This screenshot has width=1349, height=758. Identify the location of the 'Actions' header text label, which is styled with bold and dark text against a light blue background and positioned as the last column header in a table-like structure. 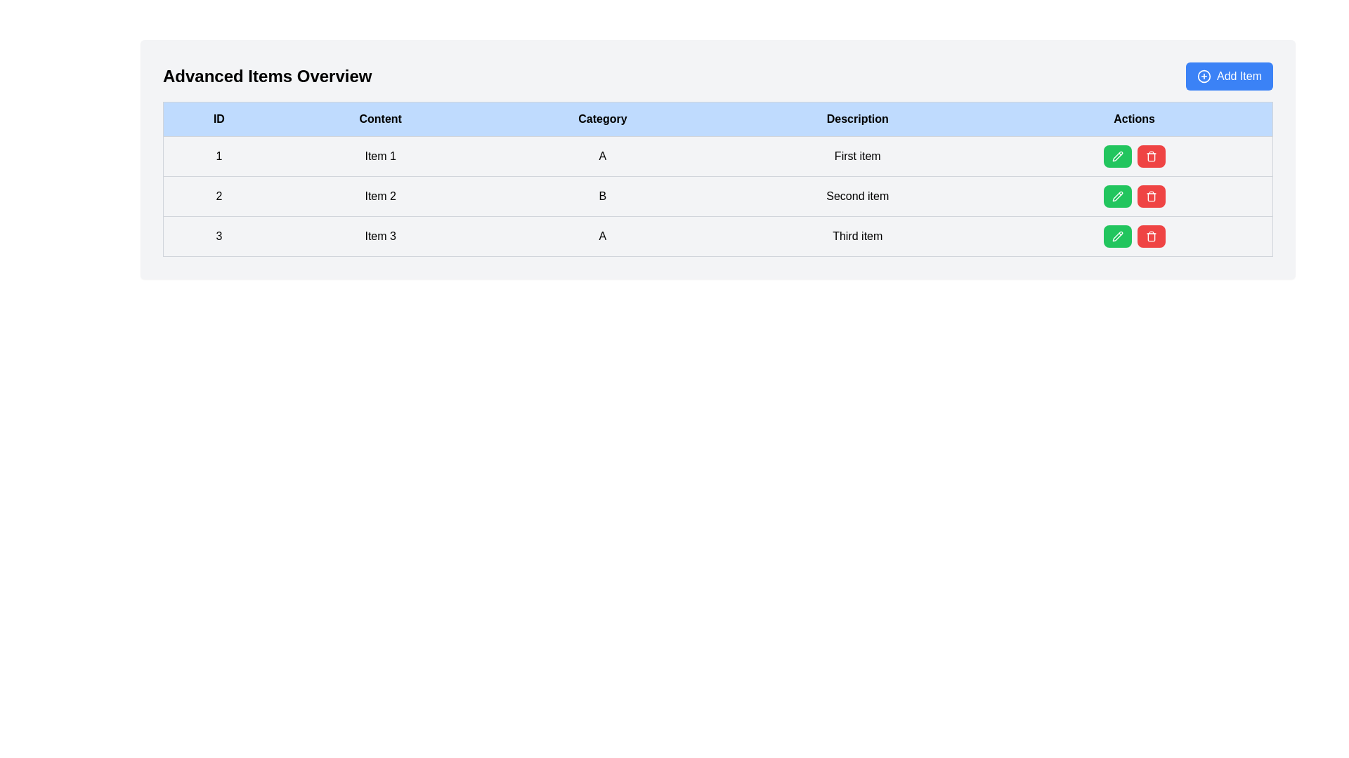
(1134, 118).